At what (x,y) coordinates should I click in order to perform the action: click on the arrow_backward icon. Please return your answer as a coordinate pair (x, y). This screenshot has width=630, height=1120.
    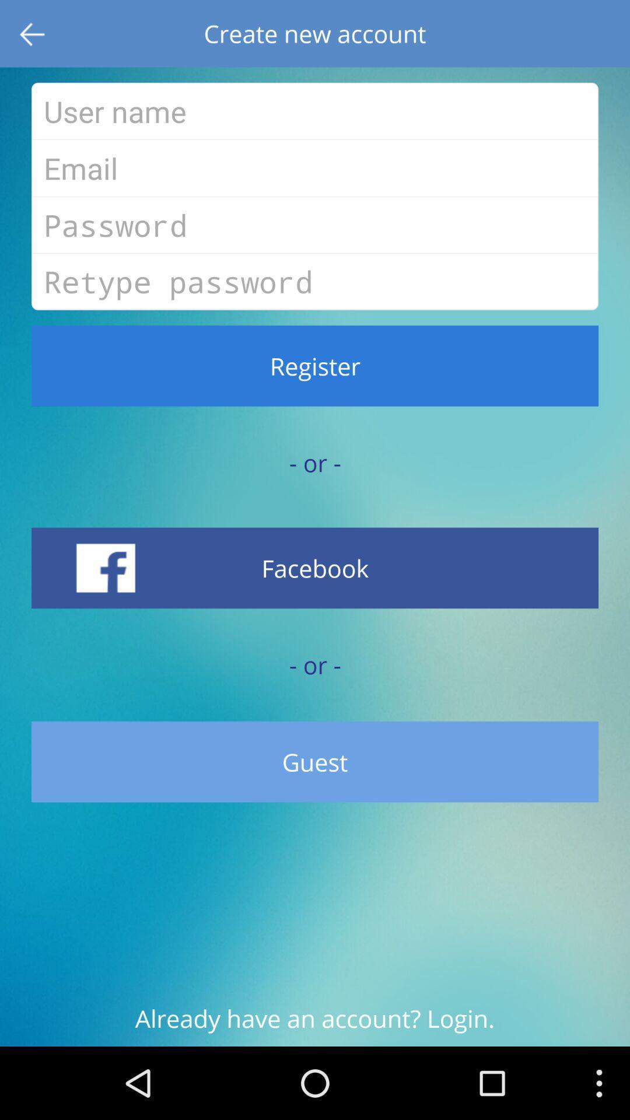
    Looking at the image, I should click on (33, 36).